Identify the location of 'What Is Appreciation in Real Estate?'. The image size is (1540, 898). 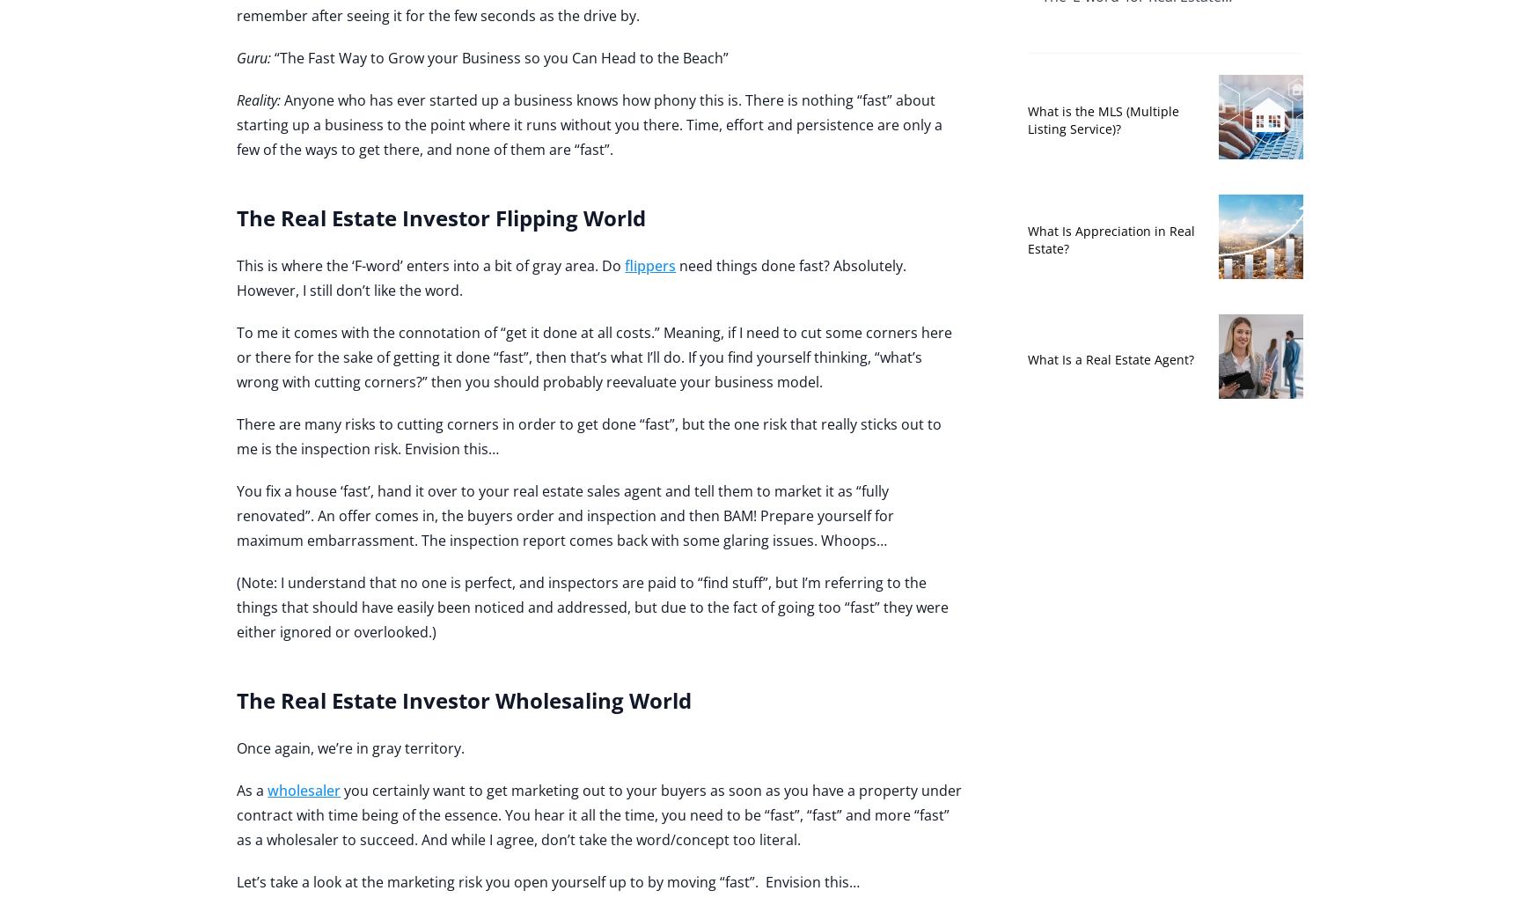
(1109, 238).